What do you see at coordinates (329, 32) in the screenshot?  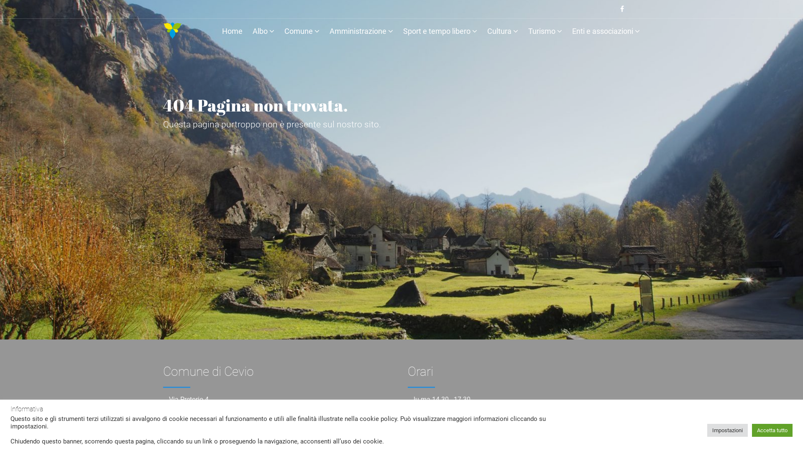 I see `'Amministrazione'` at bounding box center [329, 32].